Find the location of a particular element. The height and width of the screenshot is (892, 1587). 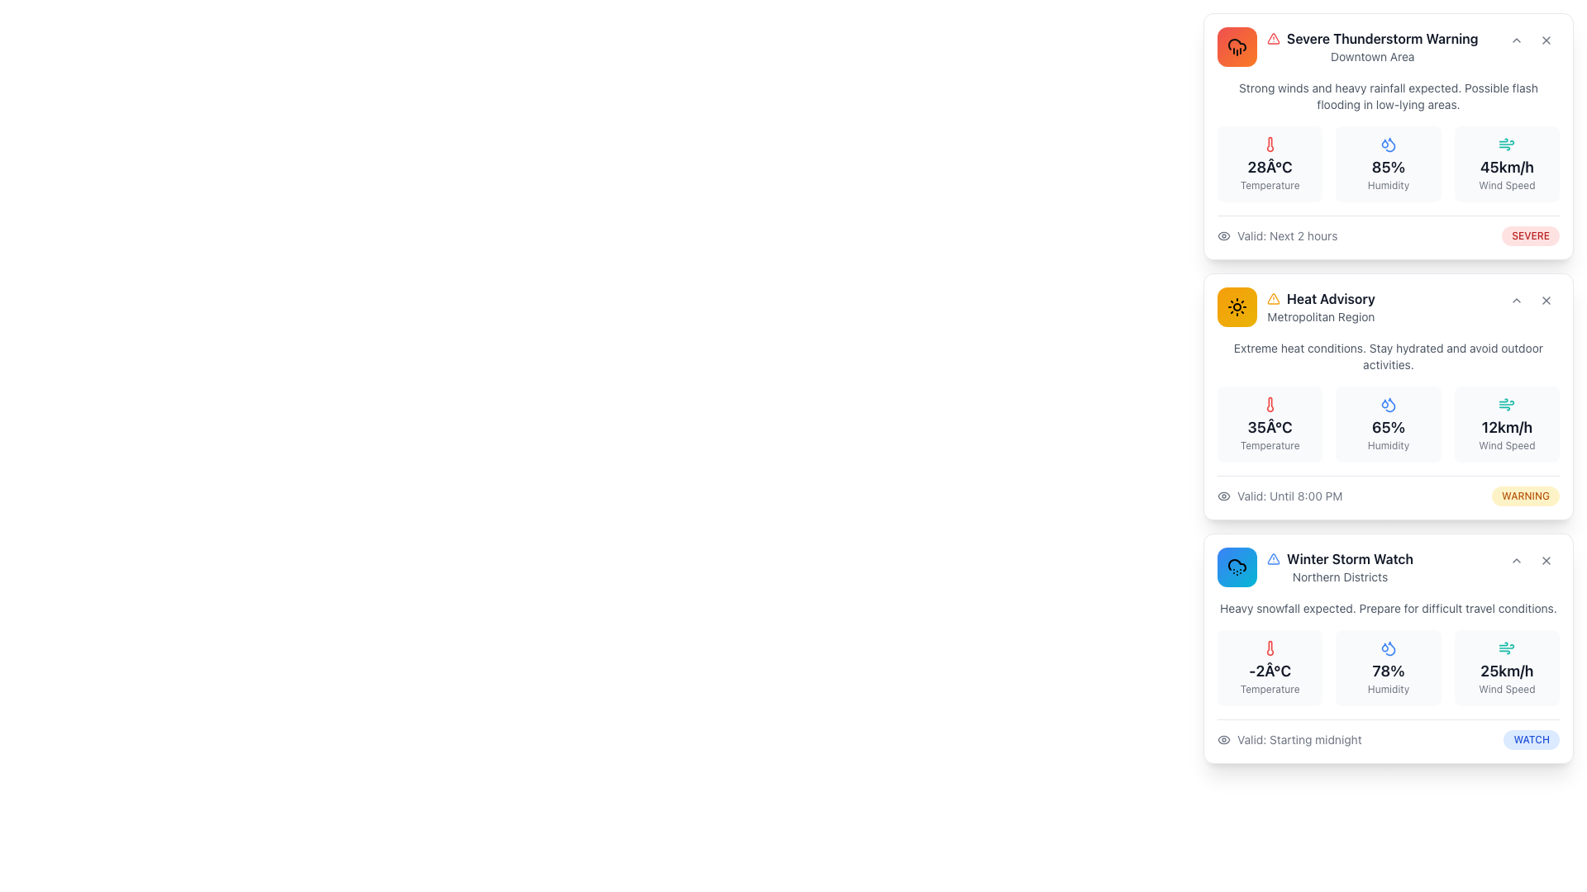

the Text label that indicates the wind speed descriptor located below the '45km/h' text within the 'Severe Thunderstorm Warning' card is located at coordinates (1507, 185).